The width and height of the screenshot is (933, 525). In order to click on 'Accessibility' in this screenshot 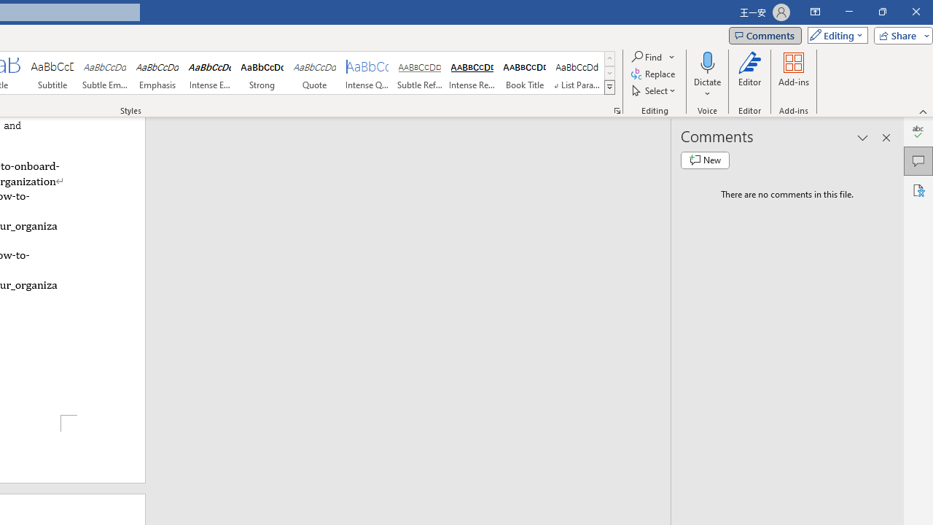, I will do `click(918, 190)`.